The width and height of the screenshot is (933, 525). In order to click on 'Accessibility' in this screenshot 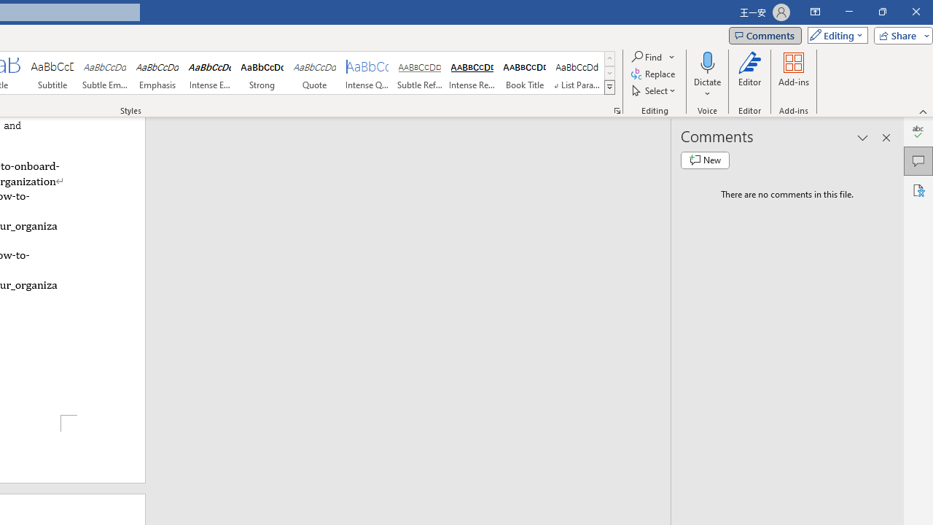, I will do `click(918, 190)`.